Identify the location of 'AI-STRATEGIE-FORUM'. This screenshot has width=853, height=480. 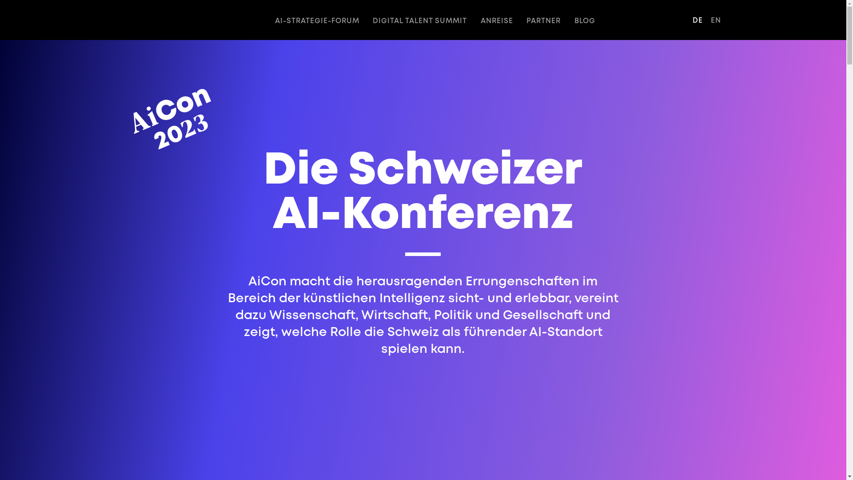
(317, 20).